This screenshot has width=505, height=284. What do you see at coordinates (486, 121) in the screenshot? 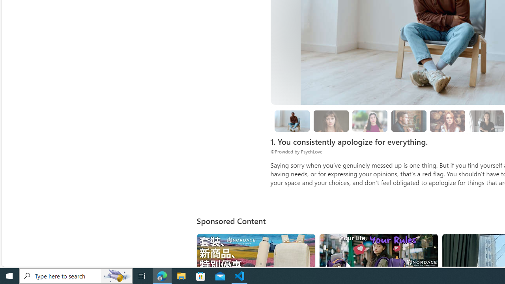
I see `'8. Surround yourself with solution-oriented people.'` at bounding box center [486, 121].